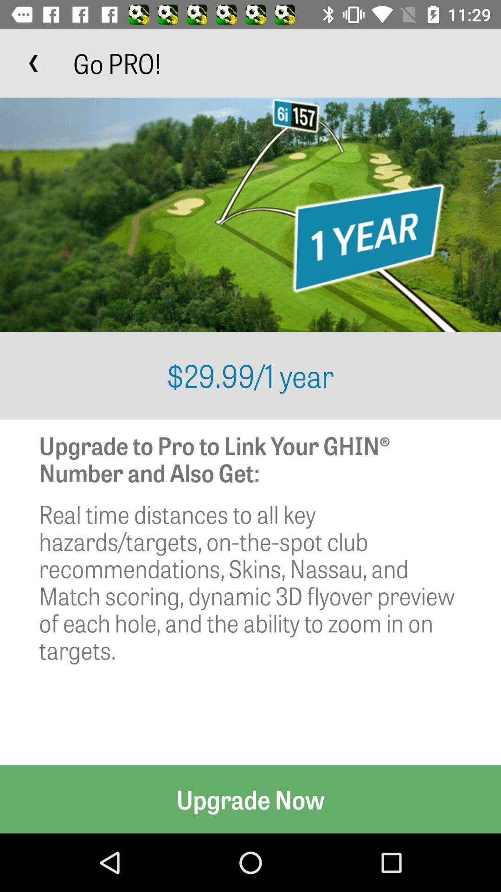  What do you see at coordinates (33, 63) in the screenshot?
I see `the item to the left of go pro!` at bounding box center [33, 63].